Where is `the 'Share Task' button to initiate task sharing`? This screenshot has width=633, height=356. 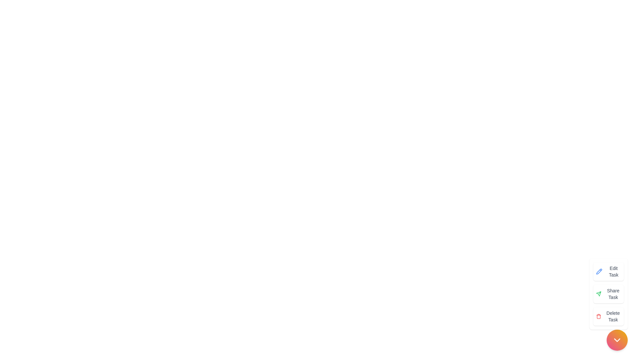
the 'Share Task' button to initiate task sharing is located at coordinates (608, 293).